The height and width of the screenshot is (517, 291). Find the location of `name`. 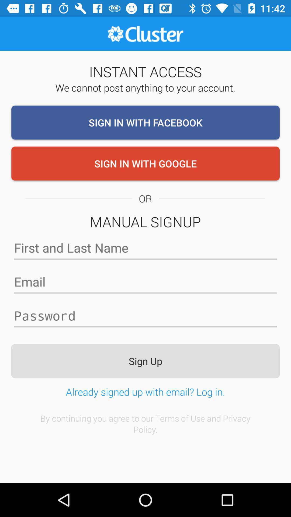

name is located at coordinates (145, 248).